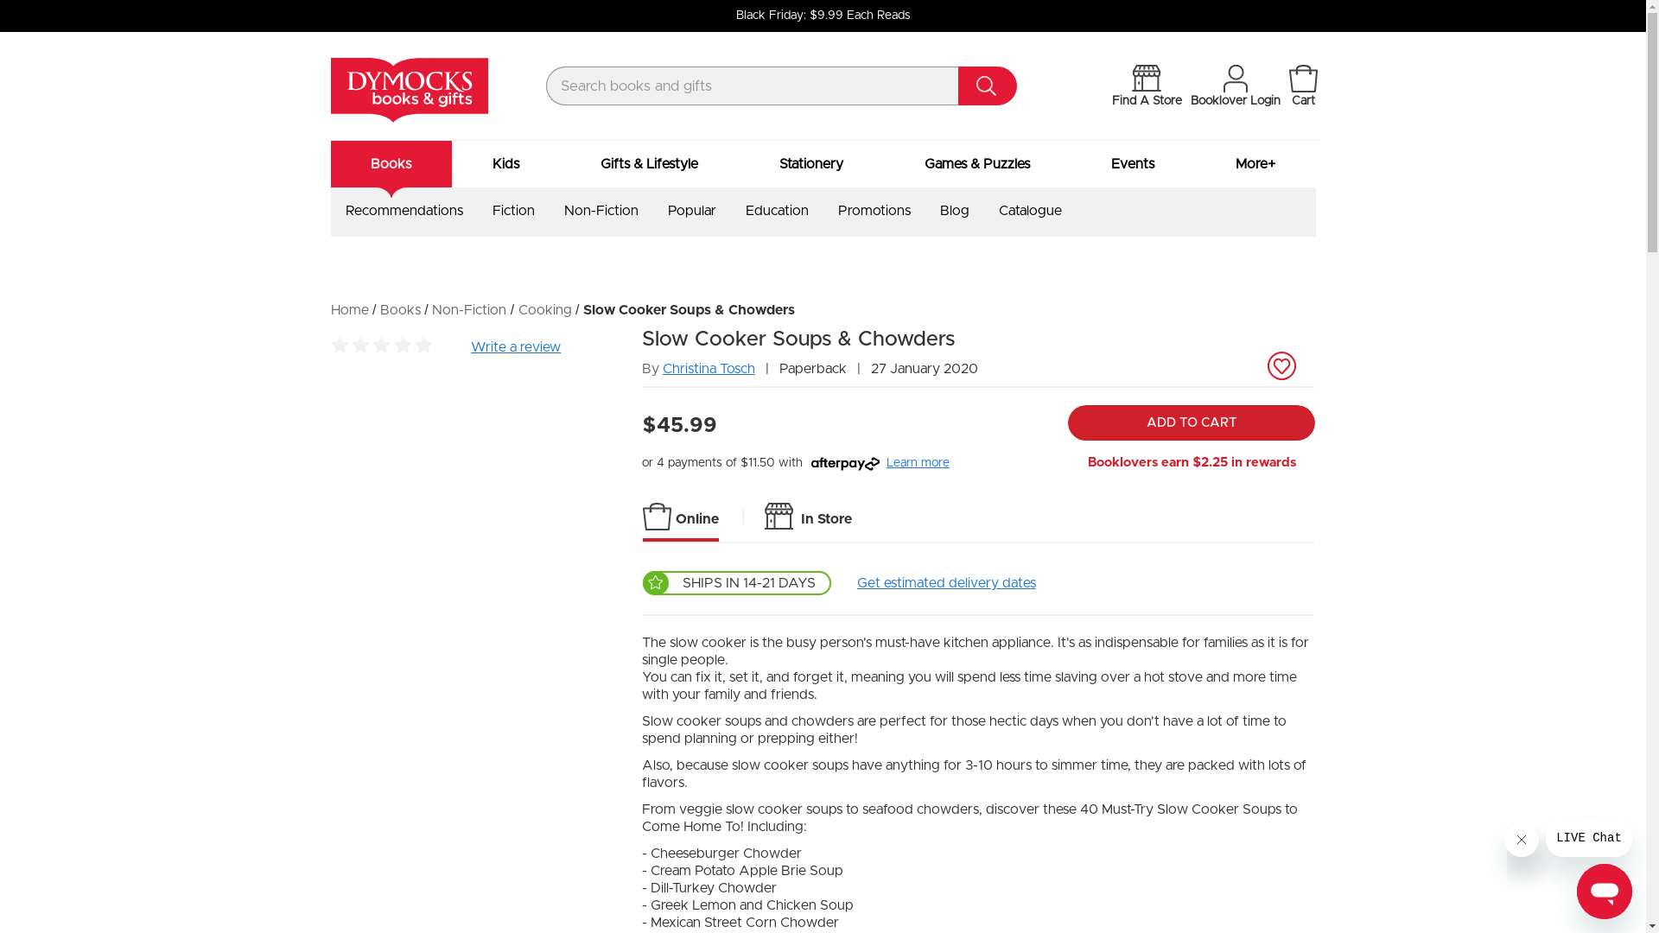 The image size is (1659, 933). Describe the element at coordinates (347, 308) in the screenshot. I see `'Home'` at that location.